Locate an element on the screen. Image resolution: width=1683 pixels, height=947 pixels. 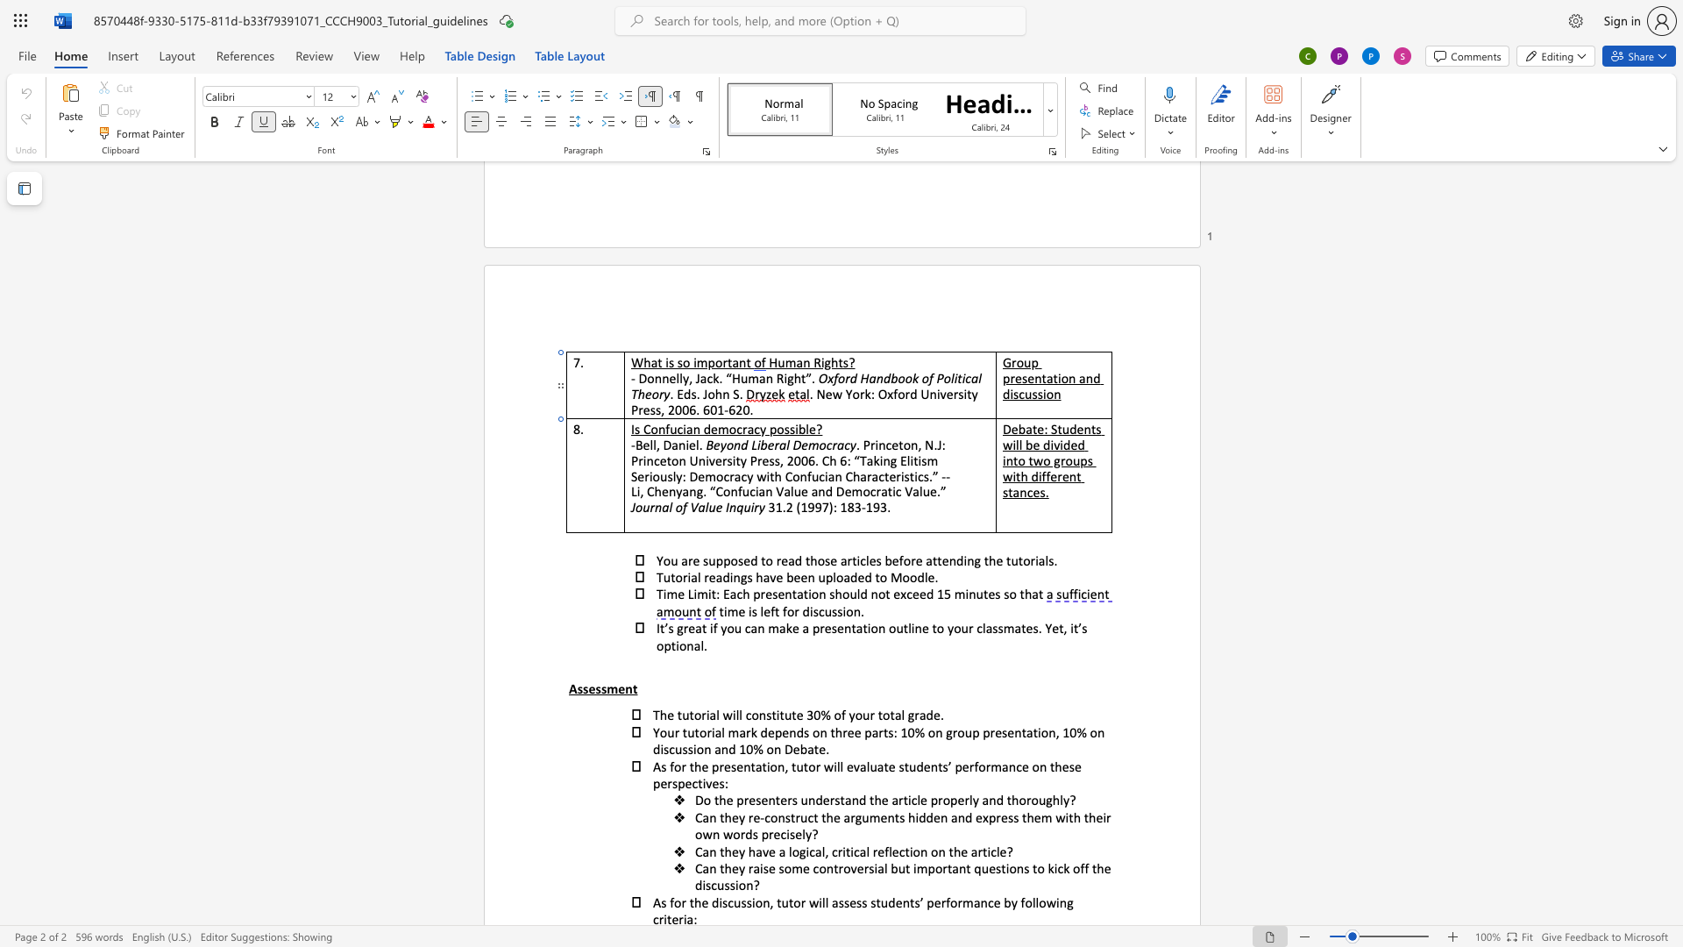
the space between the continuous character "s" and "s" in the text is located at coordinates (998, 627).